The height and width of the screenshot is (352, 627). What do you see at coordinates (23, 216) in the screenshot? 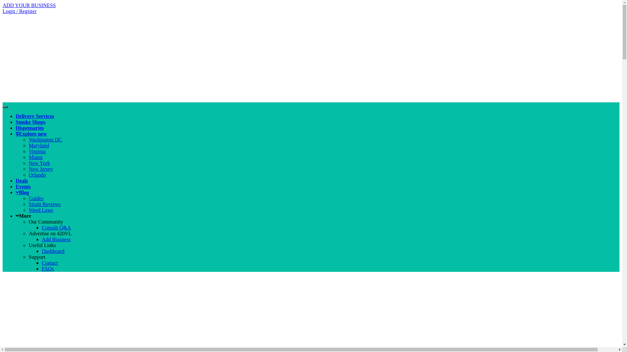
I see `'More'` at bounding box center [23, 216].